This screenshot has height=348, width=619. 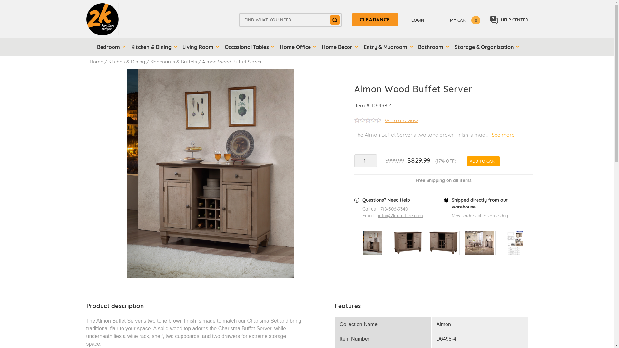 I want to click on 'ADD TO CART', so click(x=483, y=161).